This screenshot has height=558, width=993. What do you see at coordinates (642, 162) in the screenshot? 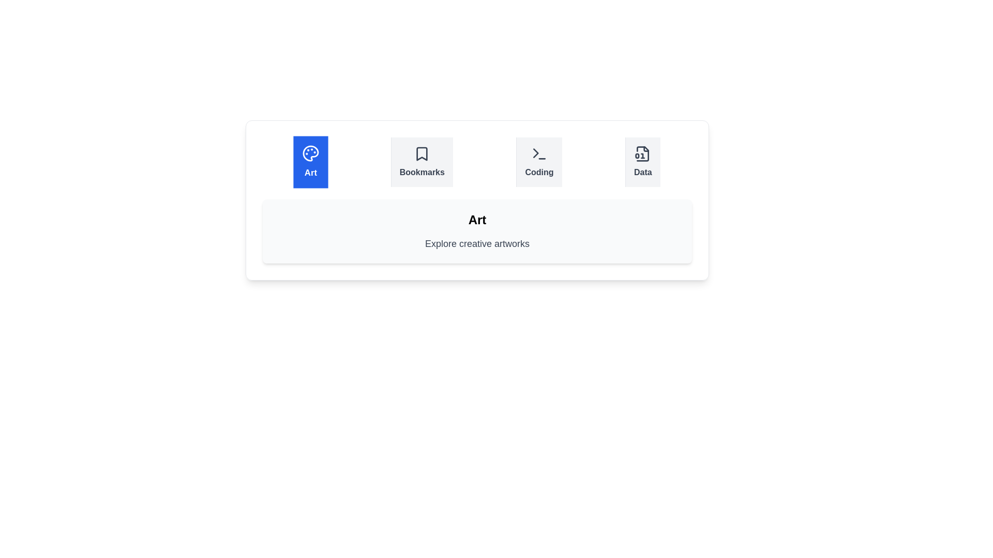
I see `the tab labeled Data` at bounding box center [642, 162].